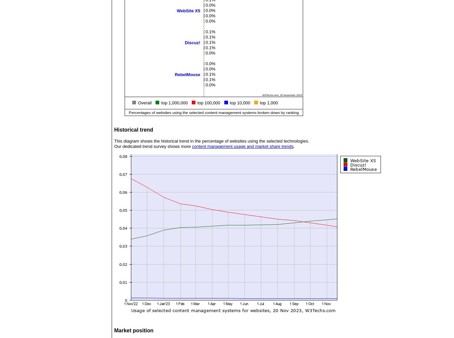 This screenshot has height=338, width=454. I want to click on 'top 1,000', so click(268, 103).